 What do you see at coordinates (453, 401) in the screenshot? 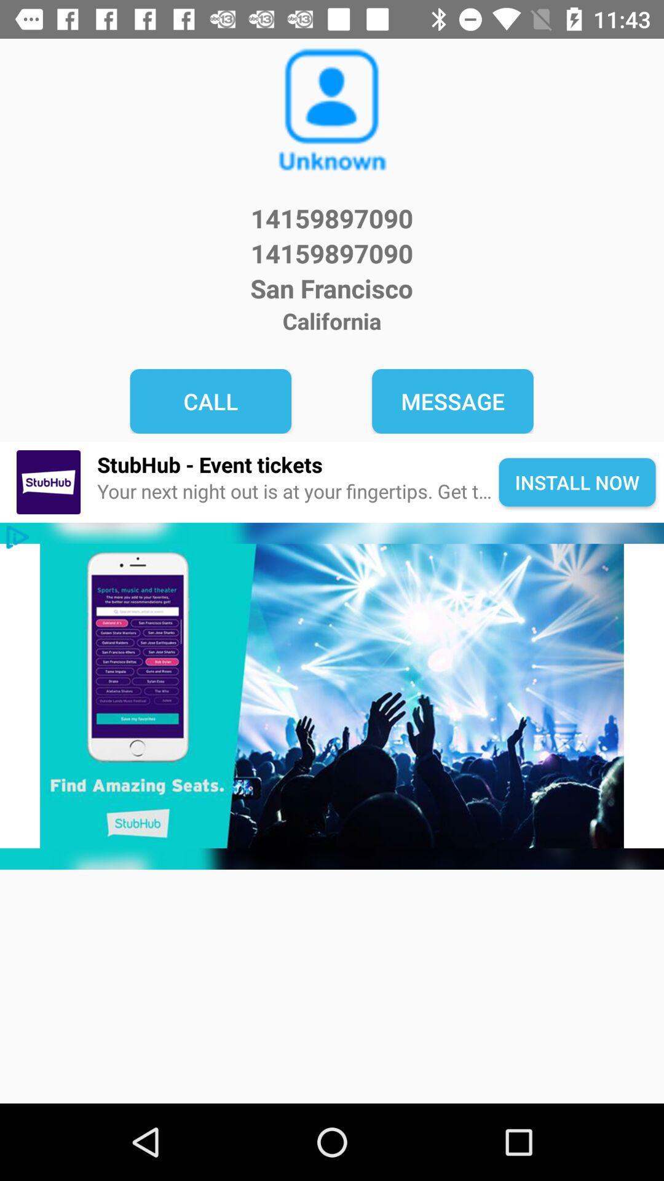
I see `item next to call icon` at bounding box center [453, 401].